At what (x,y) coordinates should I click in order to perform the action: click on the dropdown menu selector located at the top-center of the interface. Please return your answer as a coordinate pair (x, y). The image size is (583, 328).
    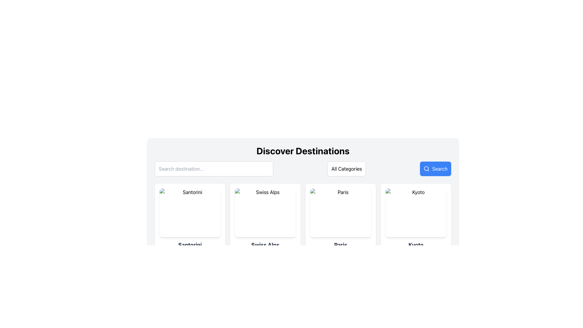
    Looking at the image, I should click on (347, 169).